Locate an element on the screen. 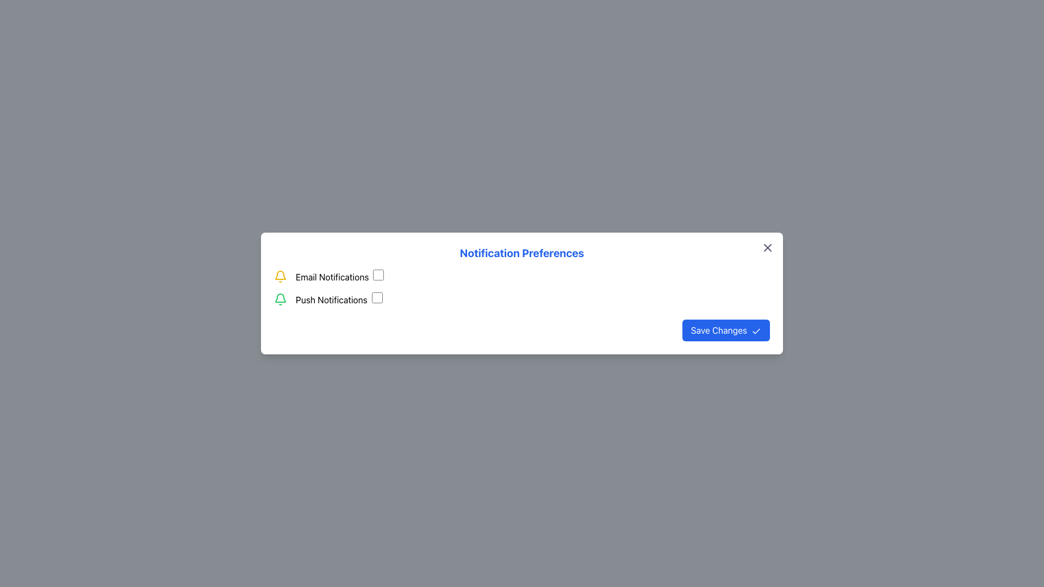 This screenshot has height=587, width=1044. the label associated with the checkbox for email notifications is located at coordinates (339, 276).